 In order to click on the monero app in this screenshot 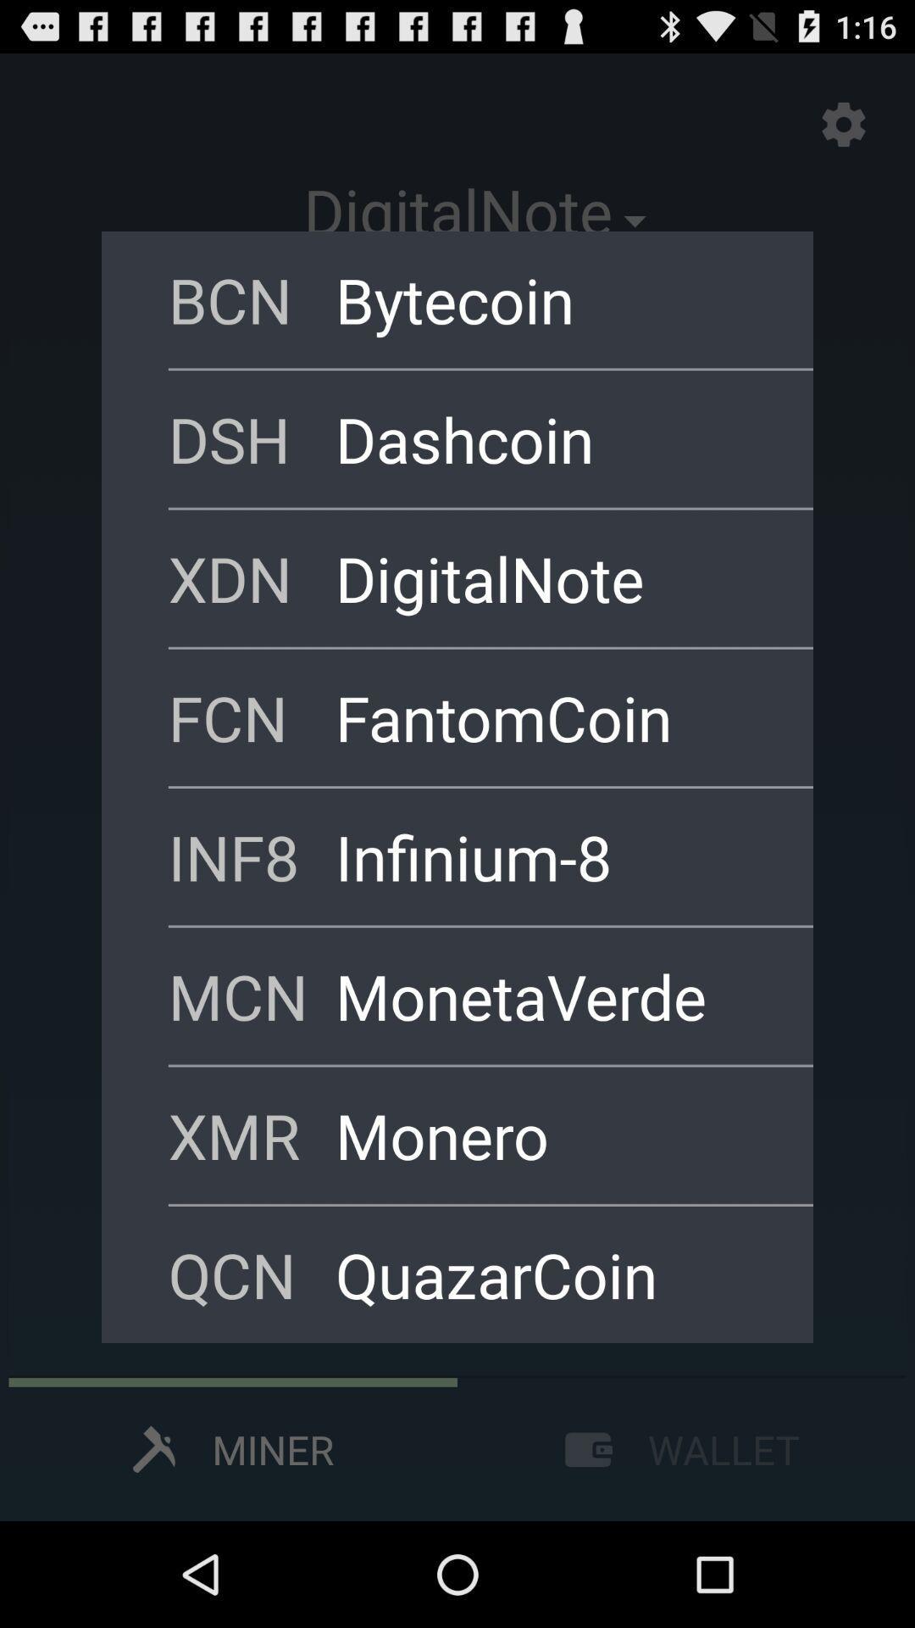, I will do `click(552, 1135)`.